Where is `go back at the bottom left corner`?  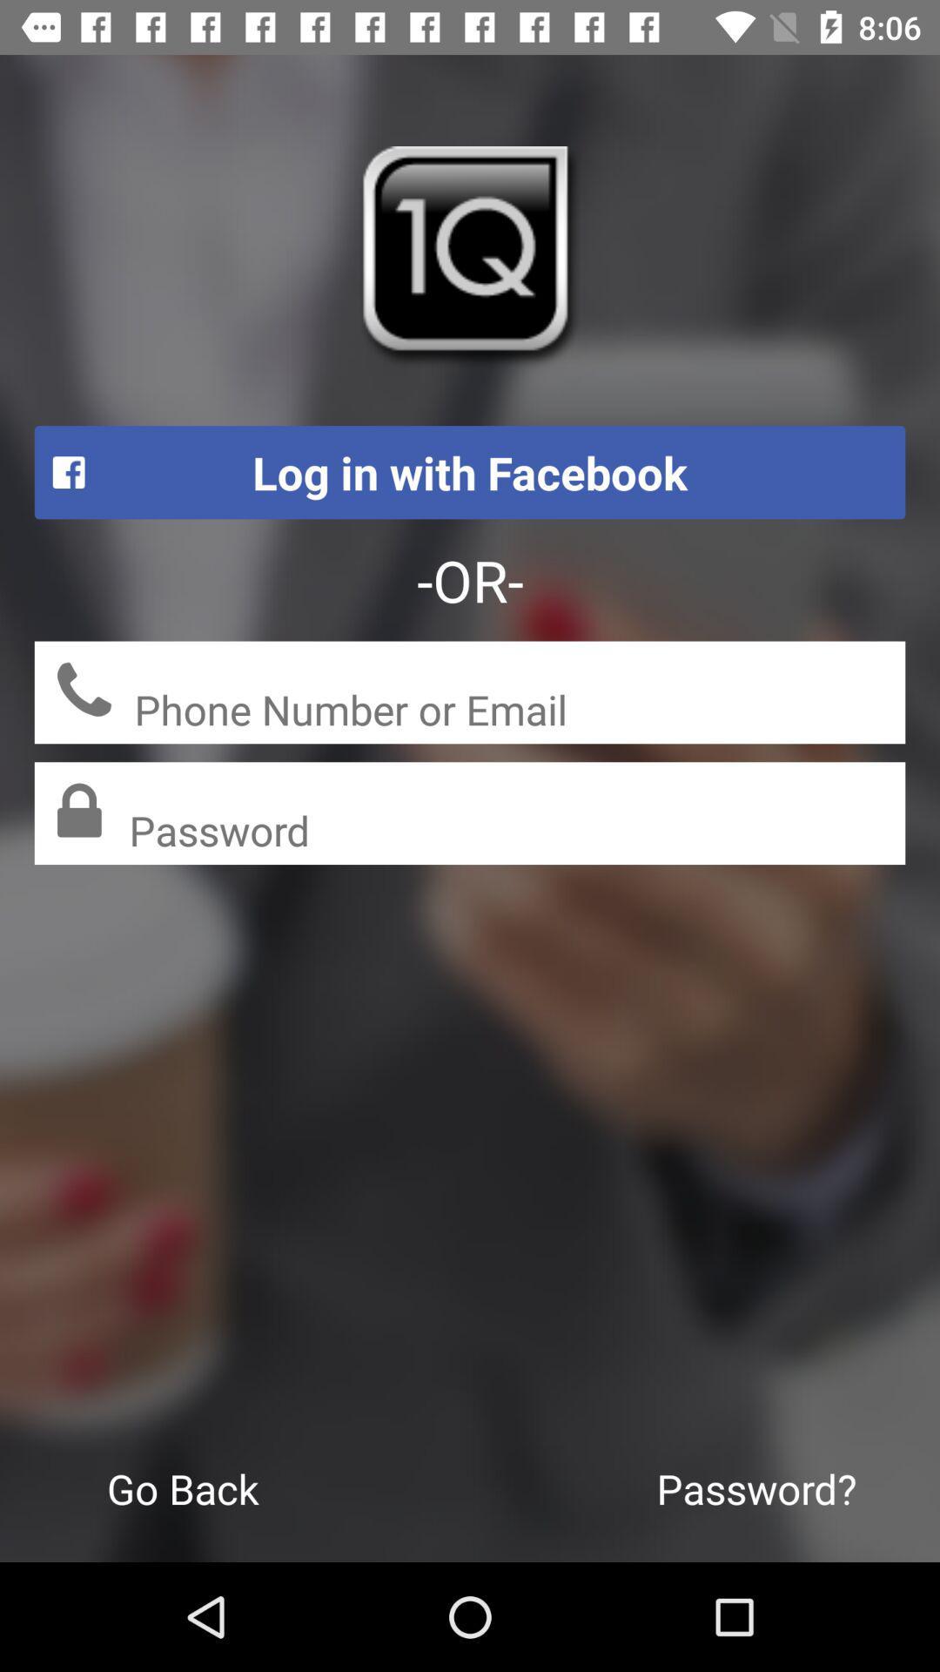
go back at the bottom left corner is located at coordinates (183, 1487).